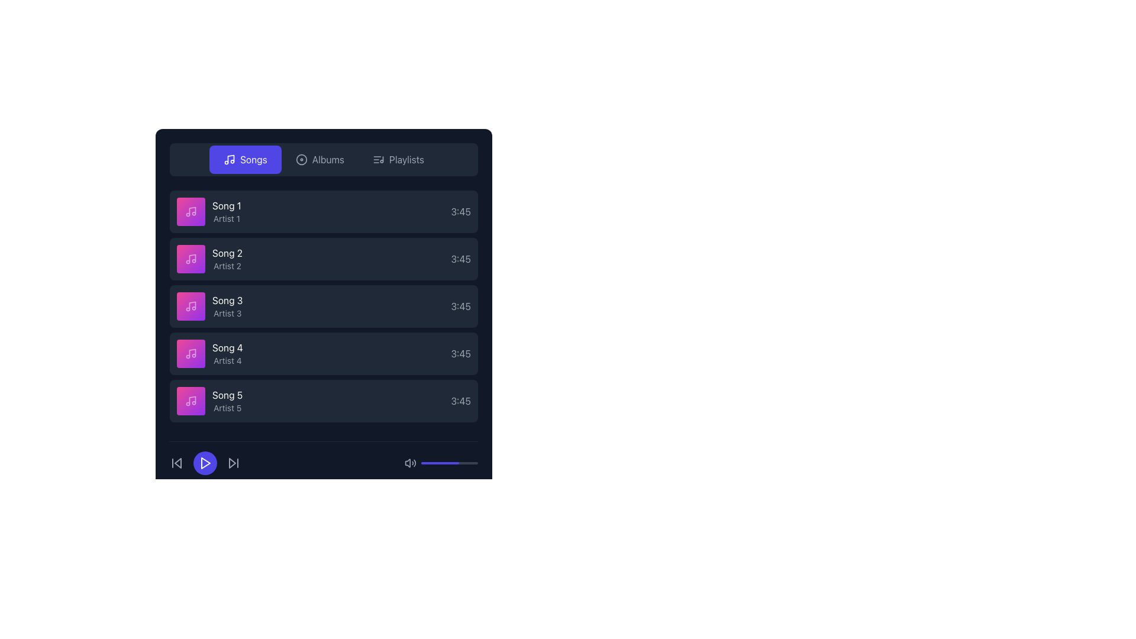 Image resolution: width=1136 pixels, height=639 pixels. What do you see at coordinates (440, 463) in the screenshot?
I see `the blue progress bar indicator, which is a rounded rectangle occupying two-thirds of the width of a gray bar near the bottom right corner of the interface` at bounding box center [440, 463].